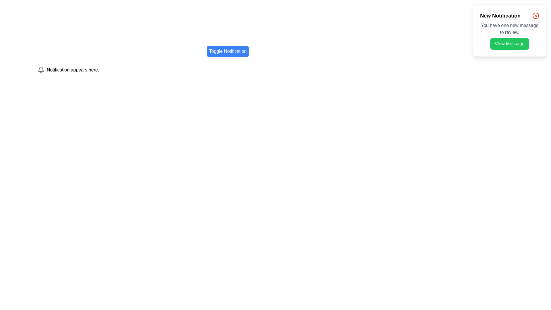 The image size is (551, 310). I want to click on the close button located in the top-right corner of the 'New Notification' box, so click(536, 15).